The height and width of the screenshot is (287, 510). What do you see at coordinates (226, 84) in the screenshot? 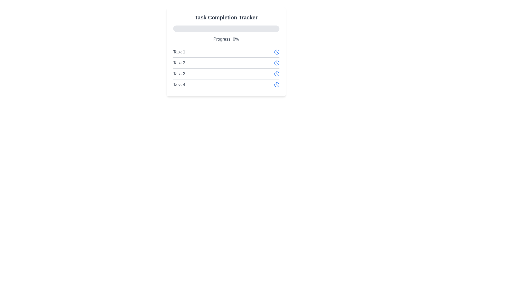
I see `task name 'Task 4' displayed in the fourth row of the task list within the 'Task Completion Tracker' section` at bounding box center [226, 84].